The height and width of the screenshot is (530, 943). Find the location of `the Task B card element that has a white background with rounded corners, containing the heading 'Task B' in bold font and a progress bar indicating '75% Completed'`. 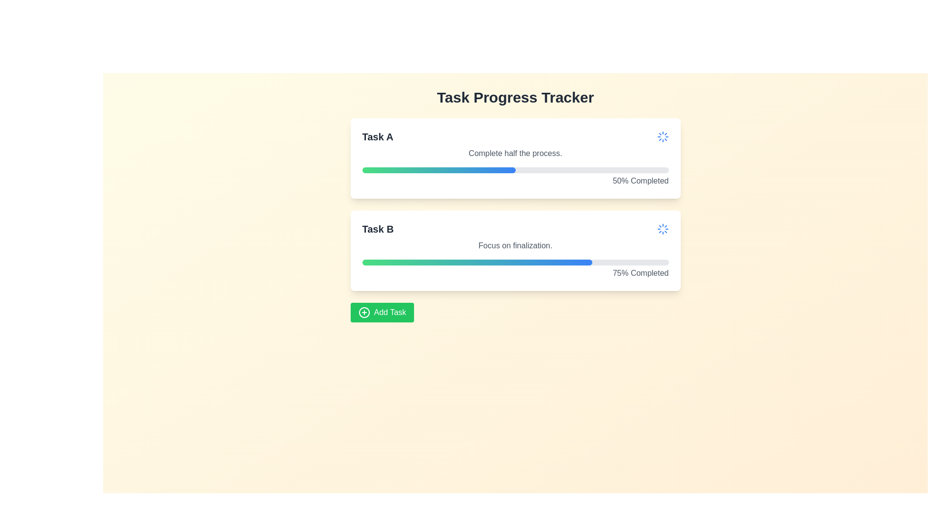

the Task B card element that has a white background with rounded corners, containing the heading 'Task B' in bold font and a progress bar indicating '75% Completed' is located at coordinates (515, 250).